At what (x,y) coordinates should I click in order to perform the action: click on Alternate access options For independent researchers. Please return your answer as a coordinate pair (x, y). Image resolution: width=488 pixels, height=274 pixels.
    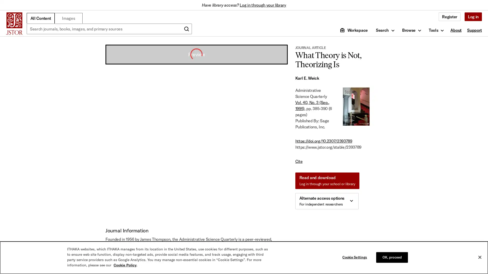
    Looking at the image, I should click on (327, 201).